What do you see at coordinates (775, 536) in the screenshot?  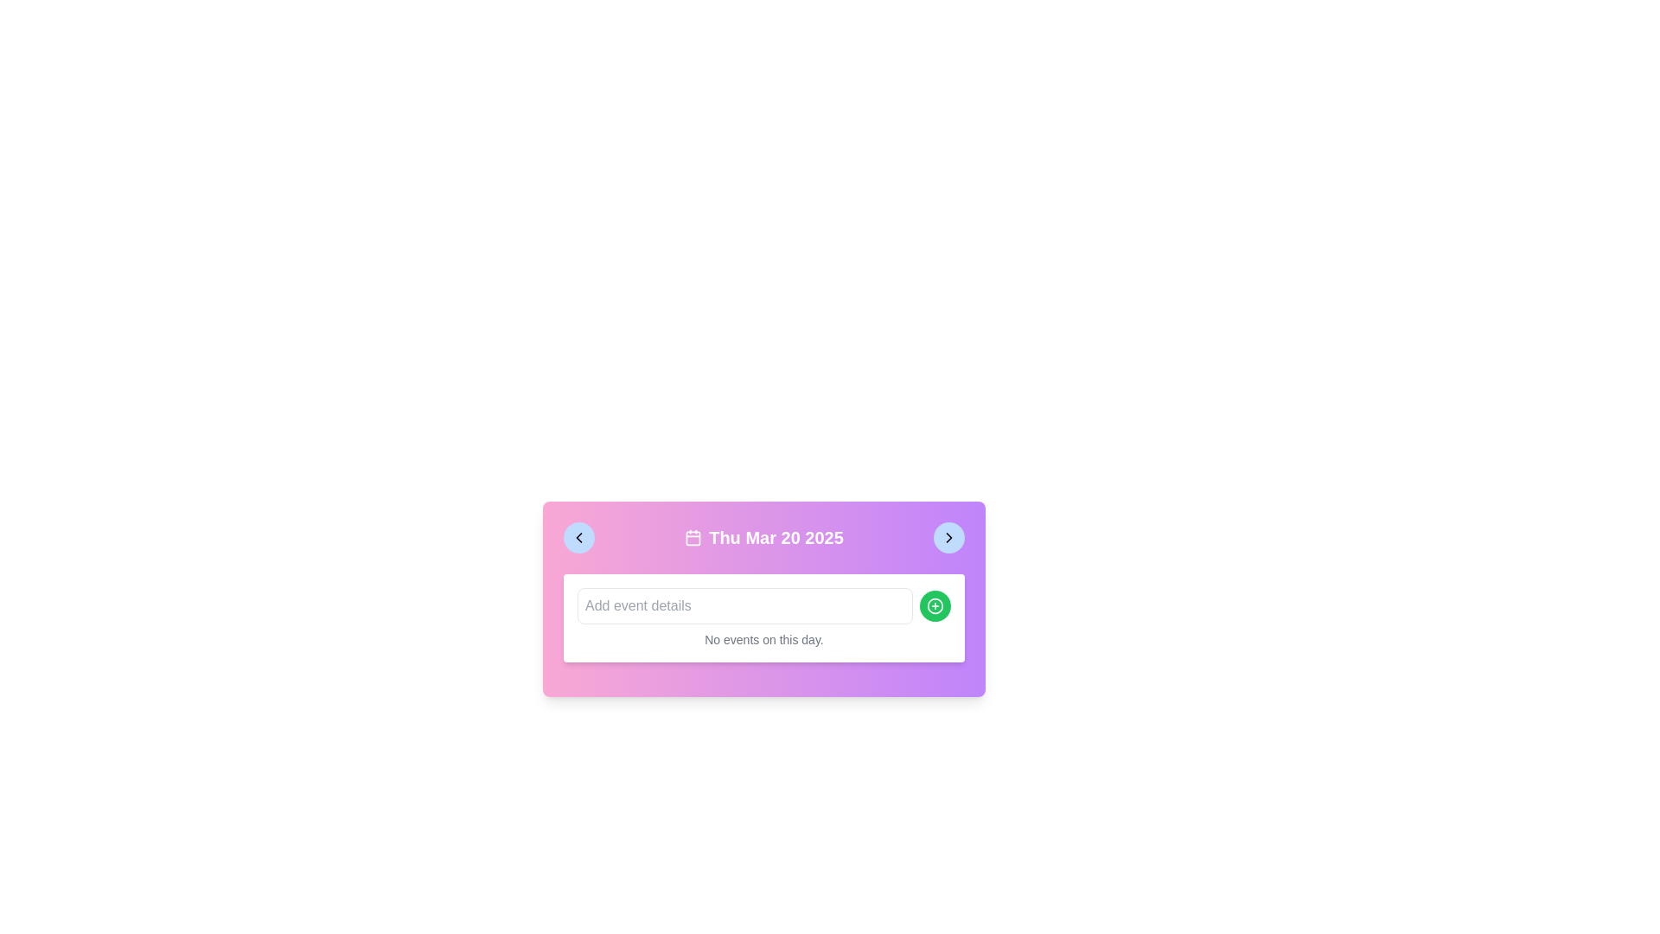 I see `the bold white text displaying the date 'Thu Mar 20 2025' on a purple gradient background, which is located in the center-top portion of a card-like component, aligned to the right of a calendar icon and between two navigation buttons` at bounding box center [775, 536].